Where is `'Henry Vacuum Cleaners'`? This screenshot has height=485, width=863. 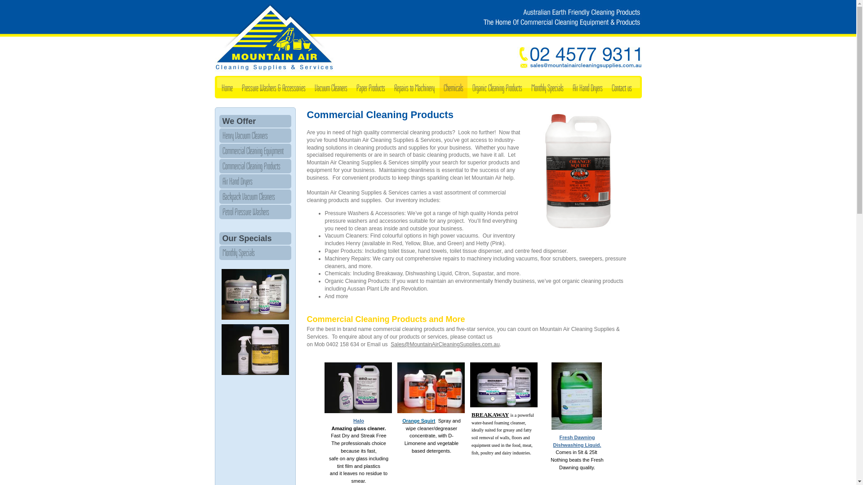 'Henry Vacuum Cleaners' is located at coordinates (254, 135).